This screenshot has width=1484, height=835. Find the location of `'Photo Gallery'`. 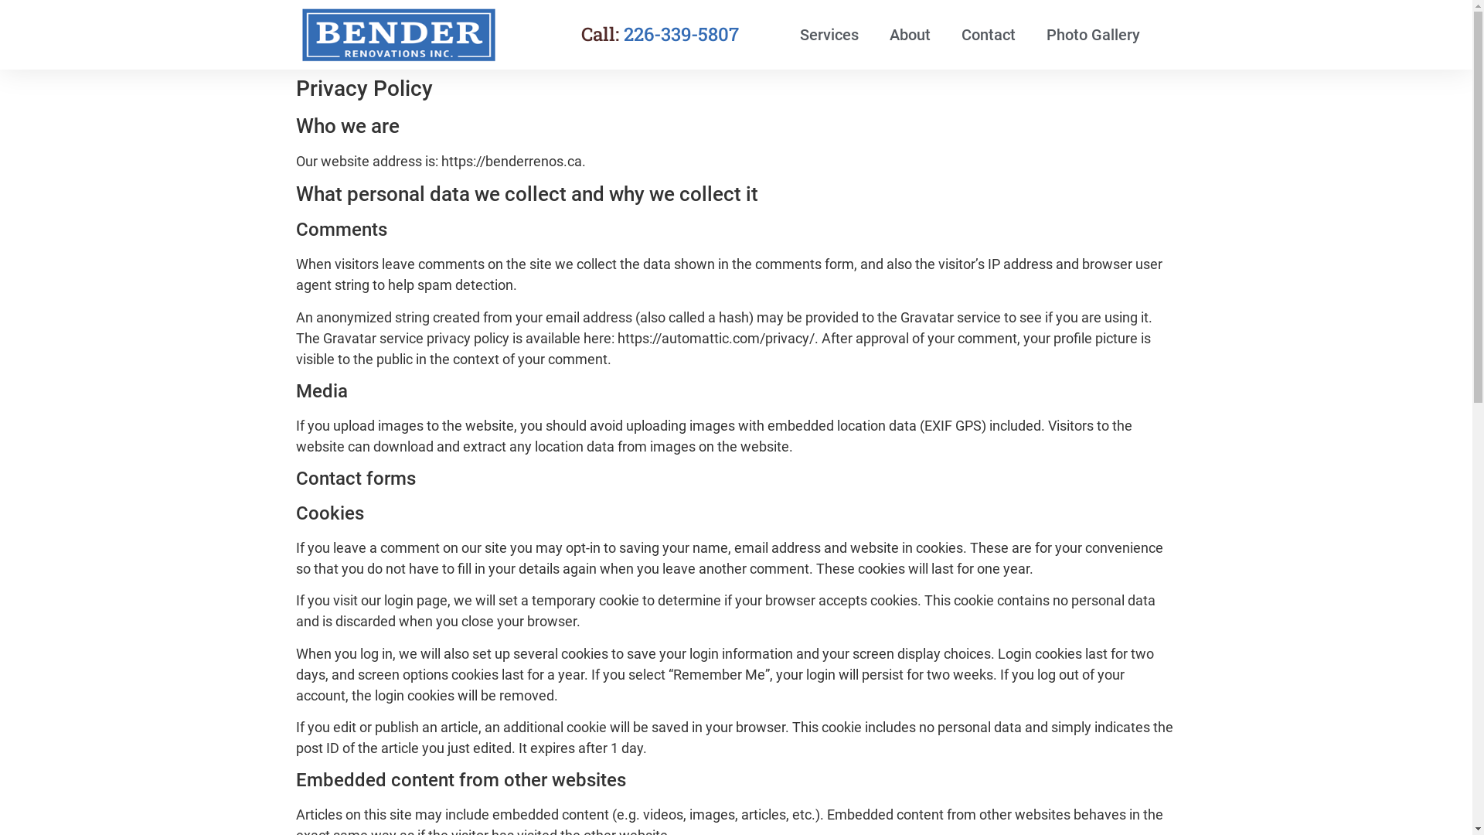

'Photo Gallery' is located at coordinates (1092, 35).